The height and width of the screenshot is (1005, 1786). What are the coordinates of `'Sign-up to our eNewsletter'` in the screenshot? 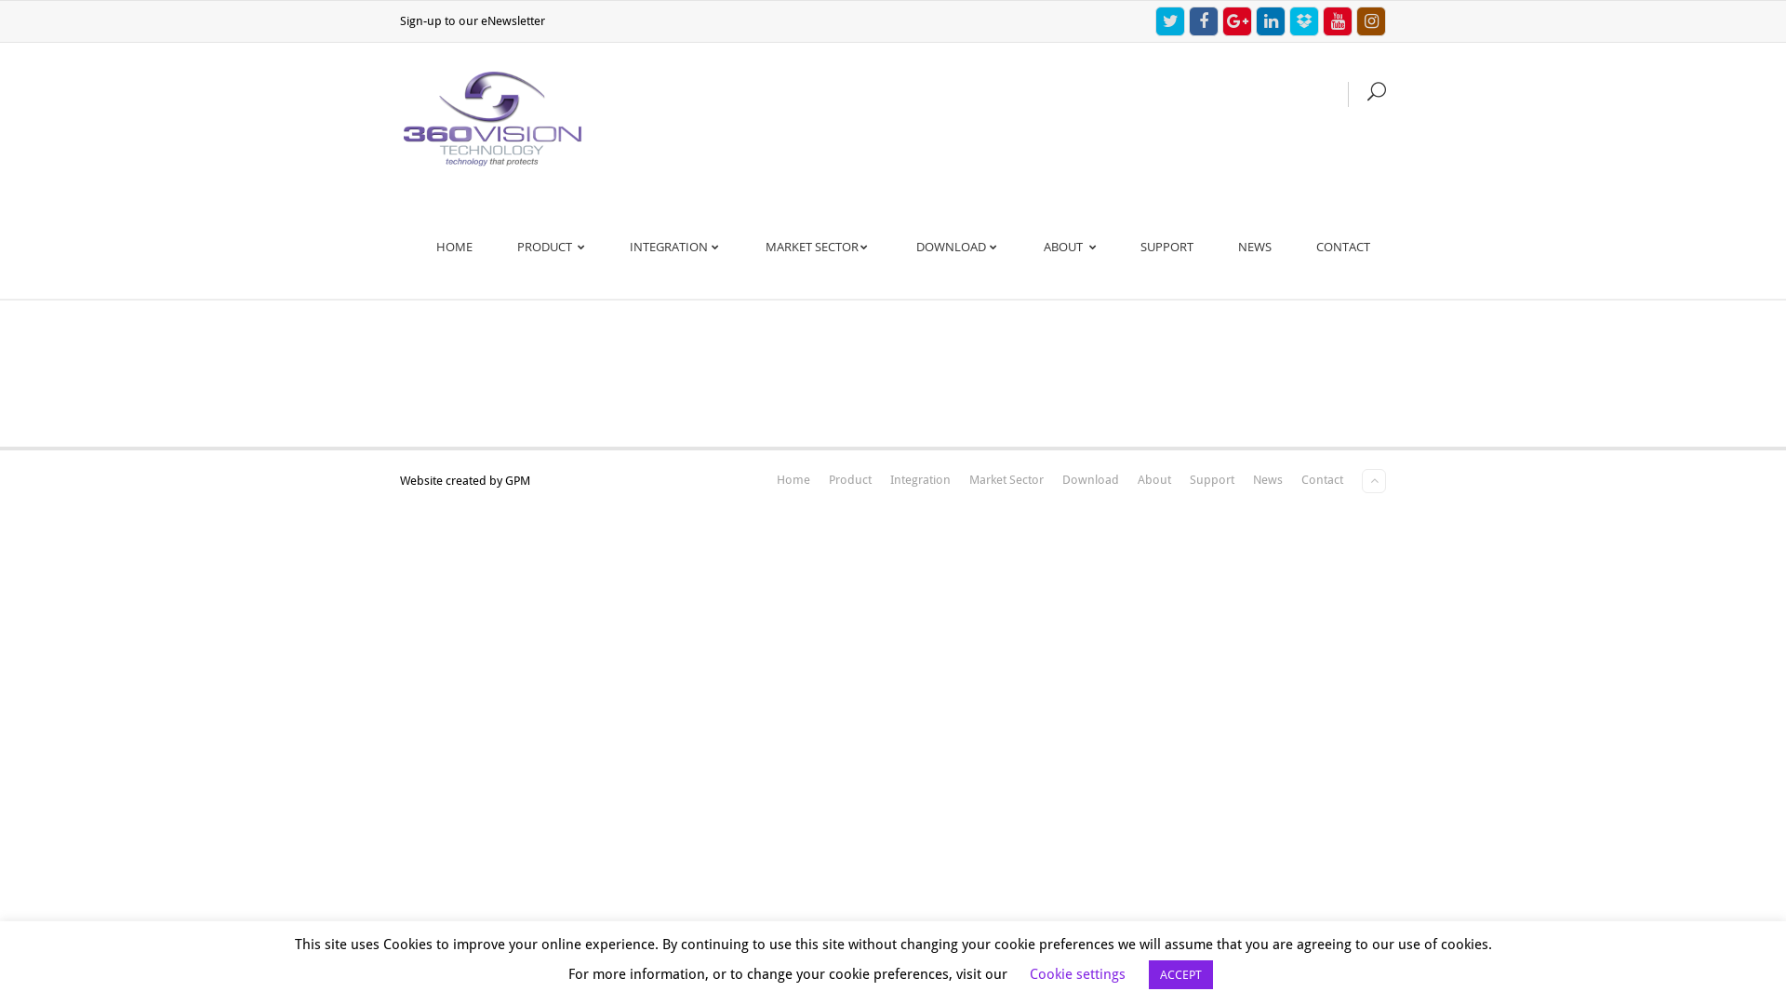 It's located at (473, 20).